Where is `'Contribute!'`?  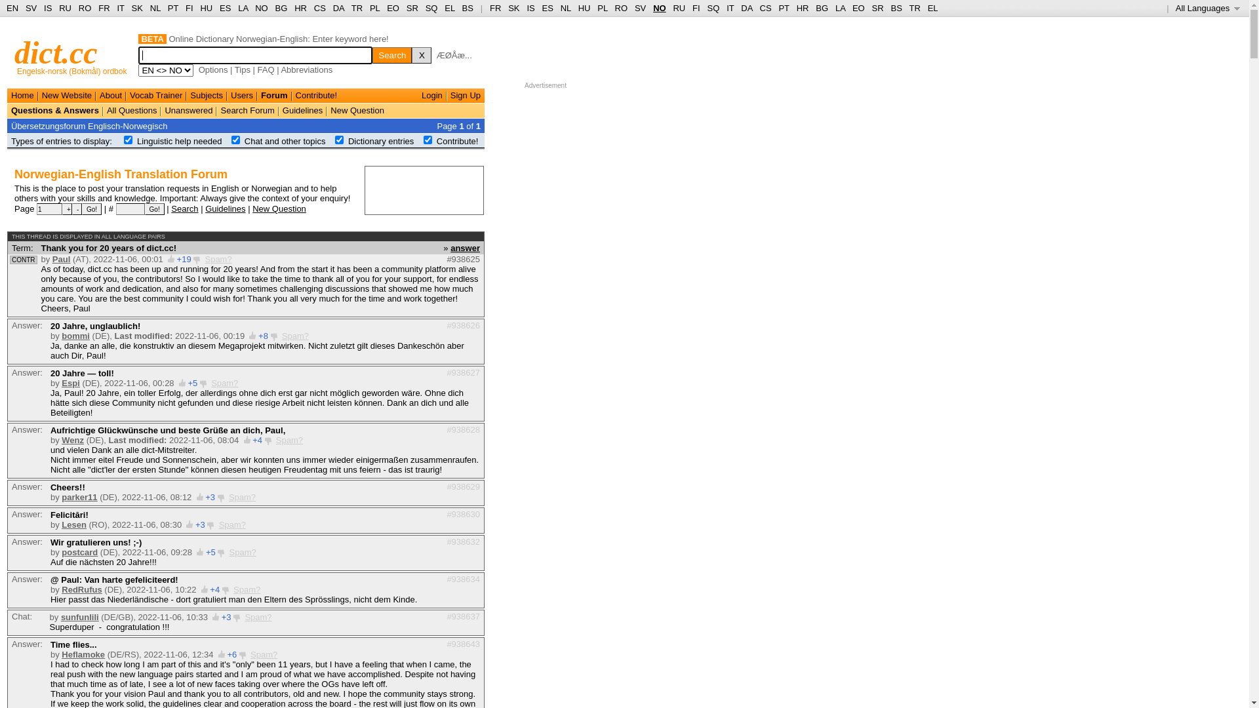
'Contribute!' is located at coordinates (317, 94).